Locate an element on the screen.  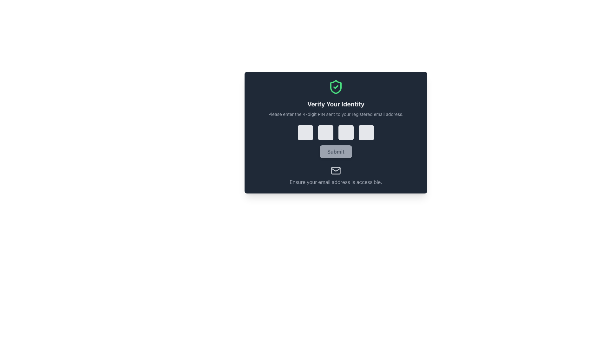
the static text paragraph that provides instructions for entering a PIN sent to the user's registered email address, located below the title 'Verify Your Identity.' is located at coordinates (336, 114).